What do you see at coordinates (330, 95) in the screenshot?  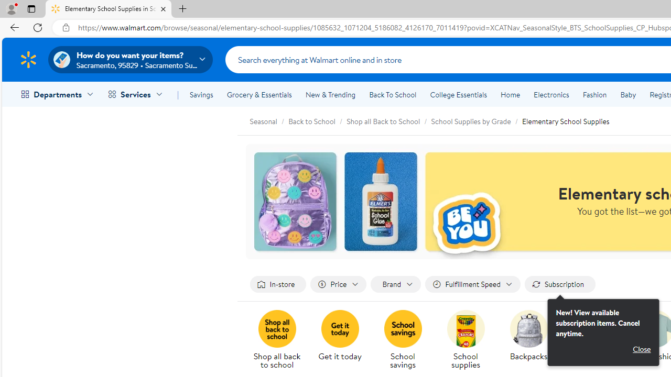 I see `'New & Trending'` at bounding box center [330, 95].